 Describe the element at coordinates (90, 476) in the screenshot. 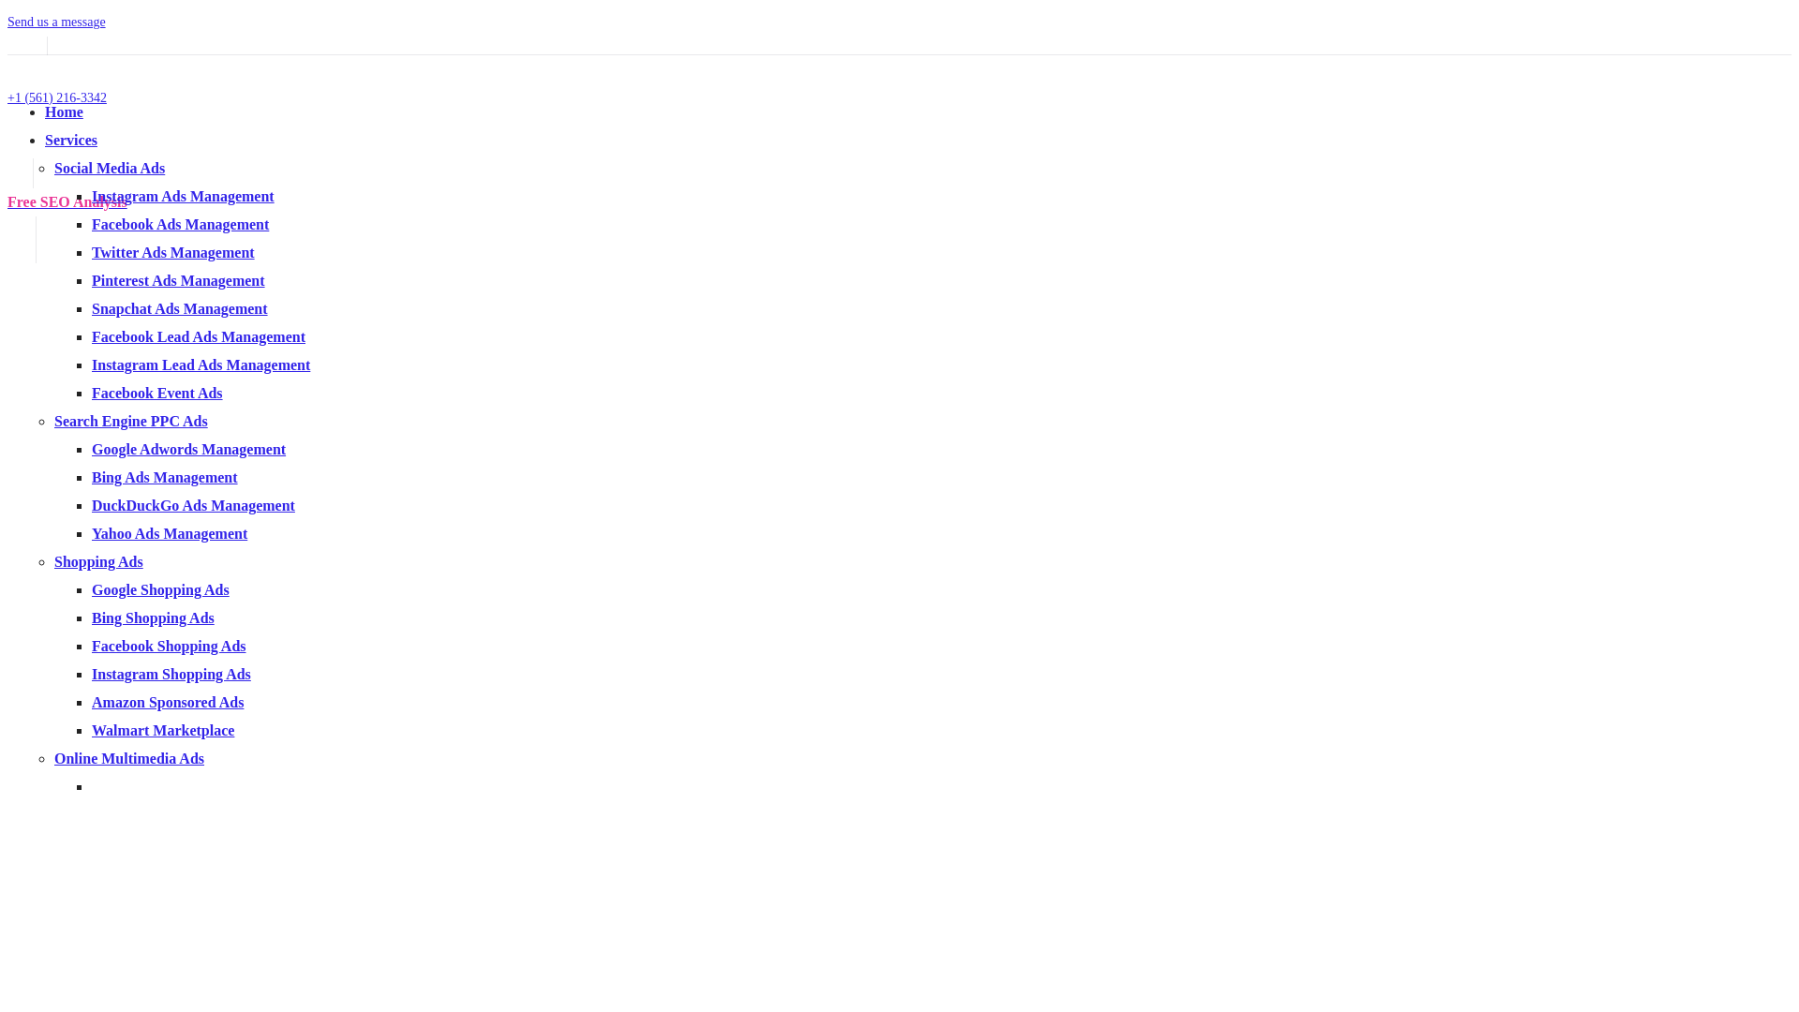

I see `'Bing Ads Management'` at that location.